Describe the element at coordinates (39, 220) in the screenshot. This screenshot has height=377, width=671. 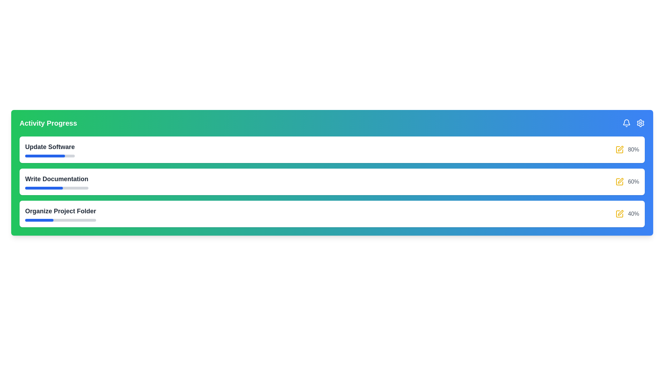
I see `the visual progress representation of the Progress Bar Segment indicating 40% completion for the task 'Organize Project Folder'` at that location.